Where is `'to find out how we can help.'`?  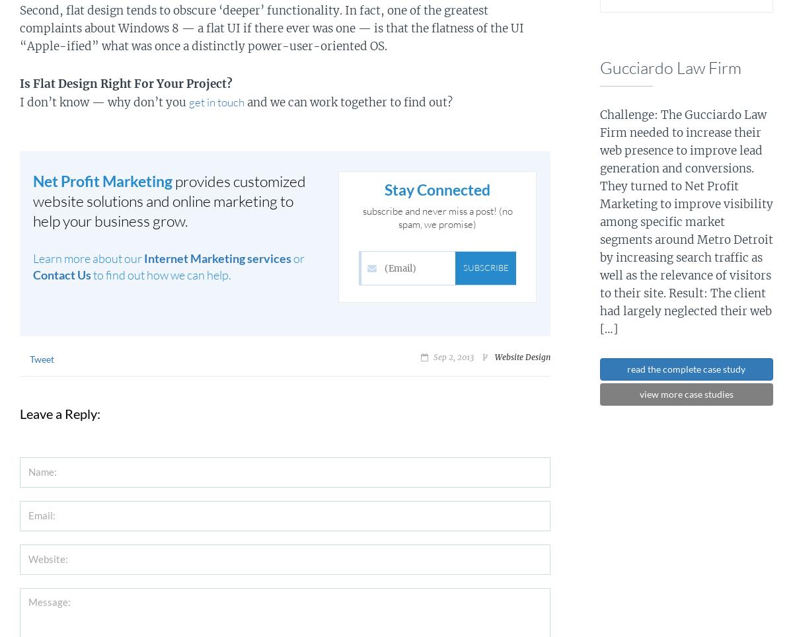
'to find out how we can help.' is located at coordinates (160, 274).